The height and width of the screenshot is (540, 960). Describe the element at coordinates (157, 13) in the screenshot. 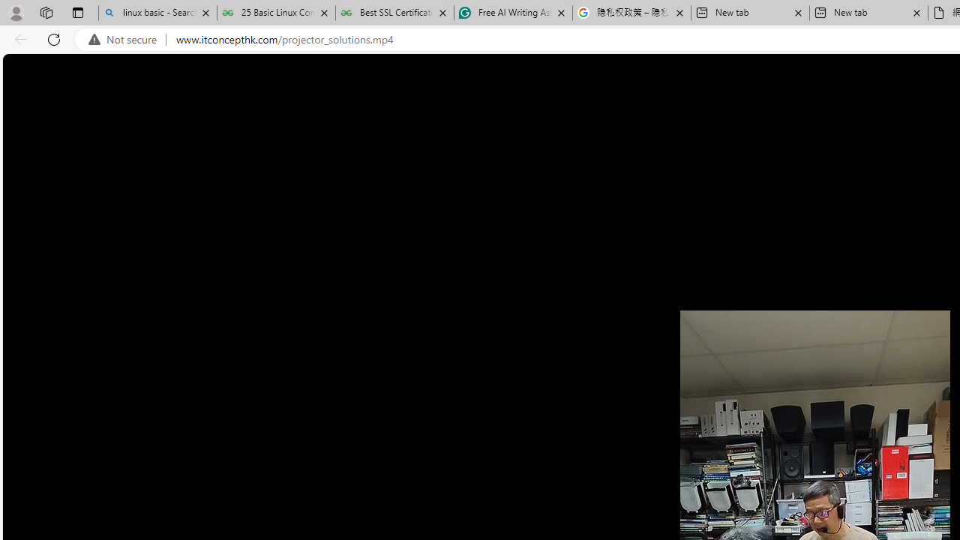

I see `'linux basic - Search'` at that location.